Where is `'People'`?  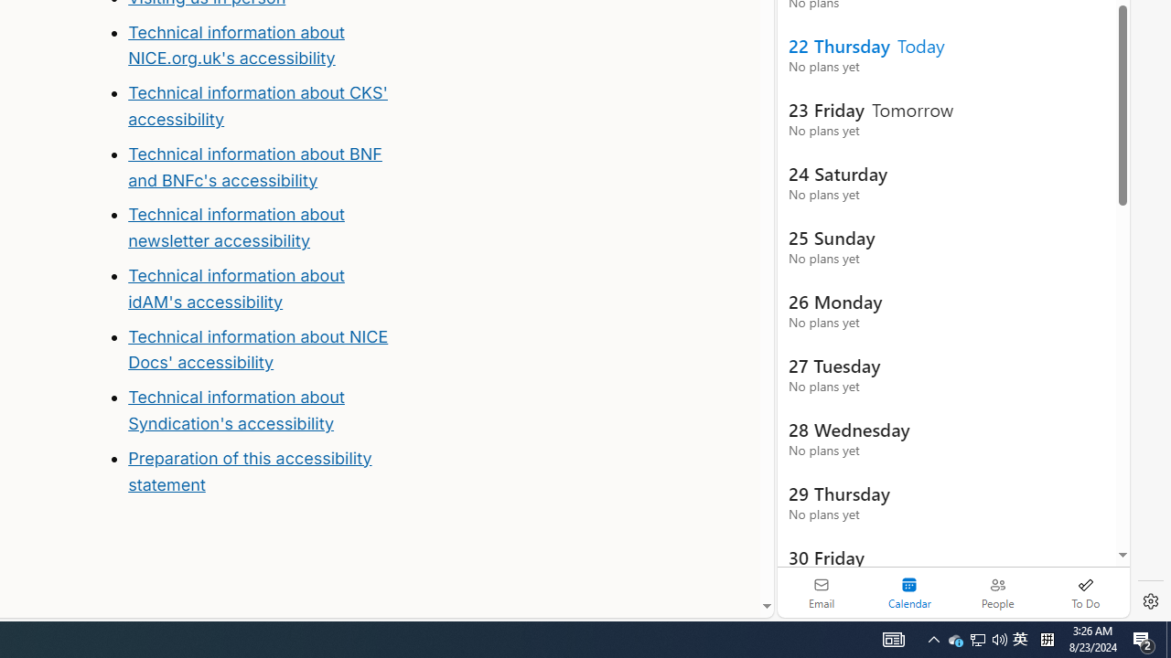
'People' is located at coordinates (996, 592).